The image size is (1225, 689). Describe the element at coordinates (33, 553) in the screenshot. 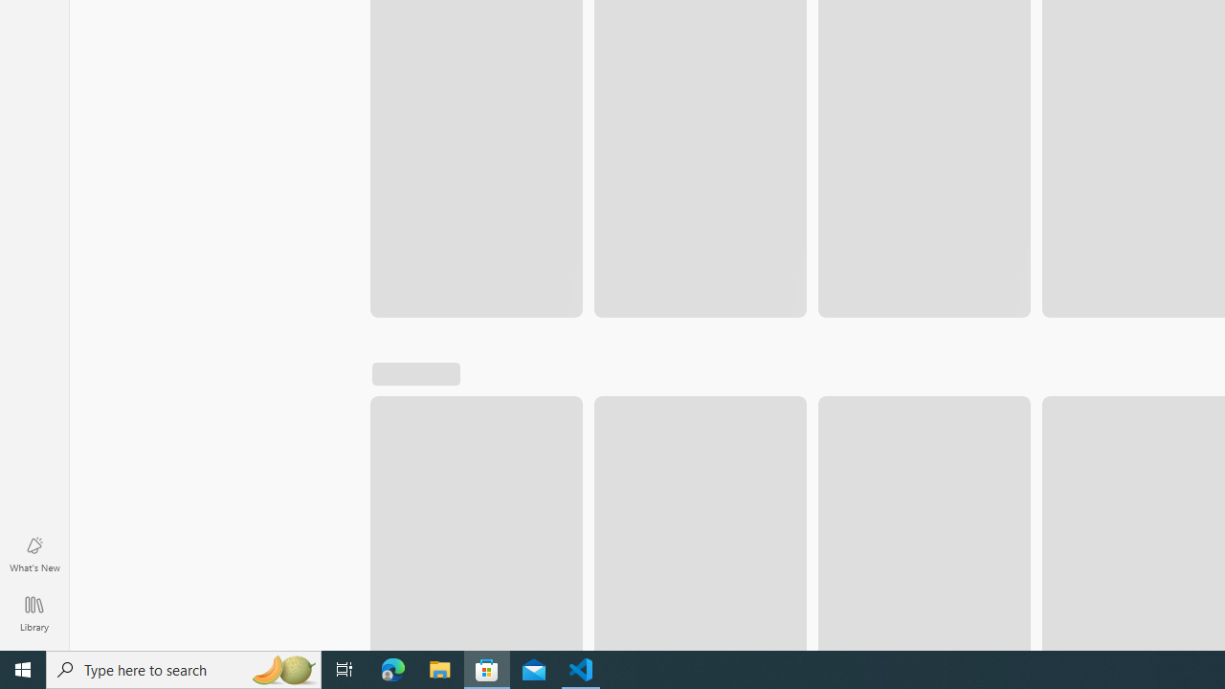

I see `'What'` at that location.